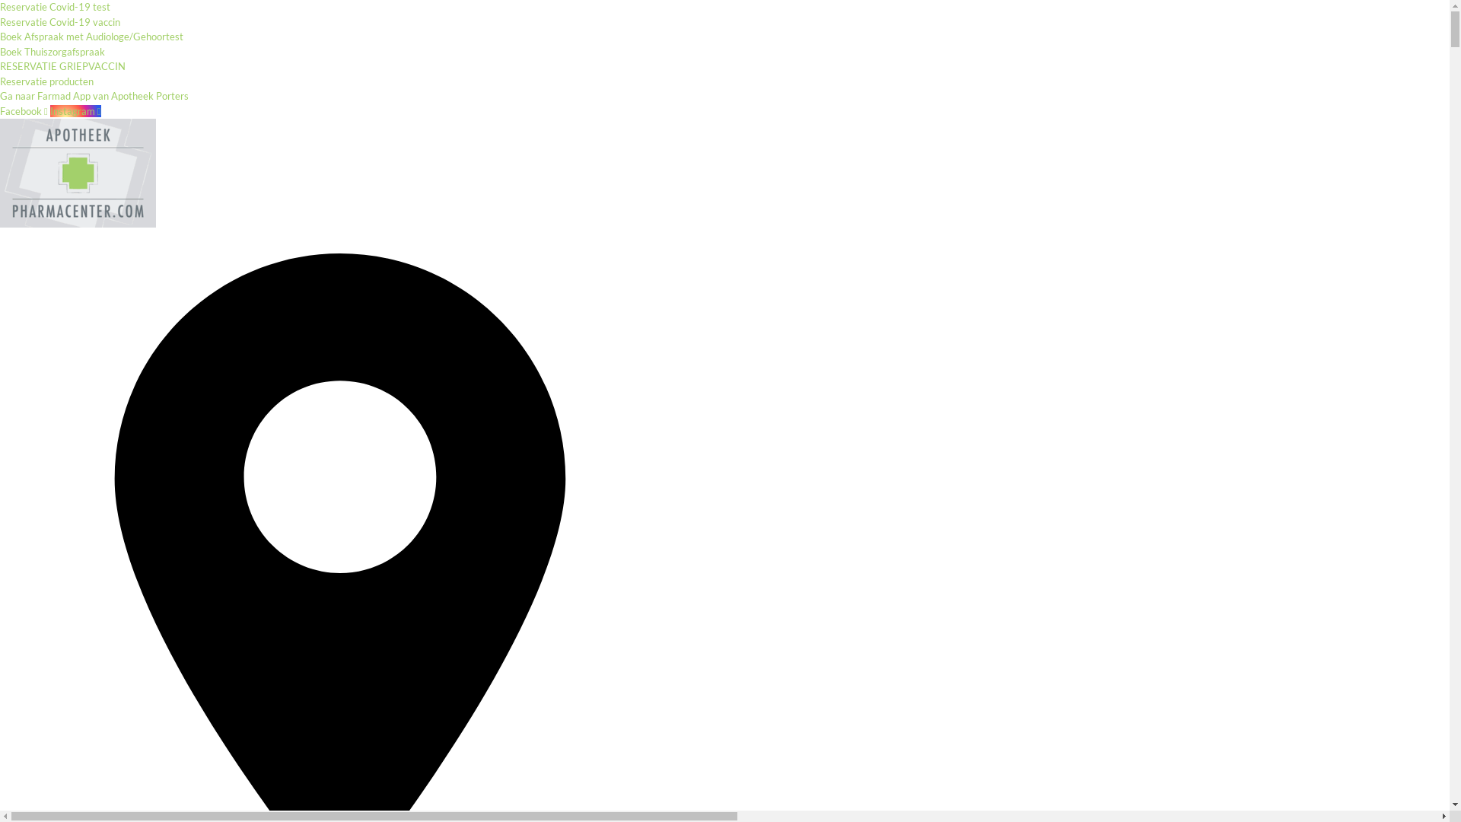 This screenshot has width=1461, height=822. Describe the element at coordinates (59, 21) in the screenshot. I see `'Reservatie Covid-19 vaccin'` at that location.